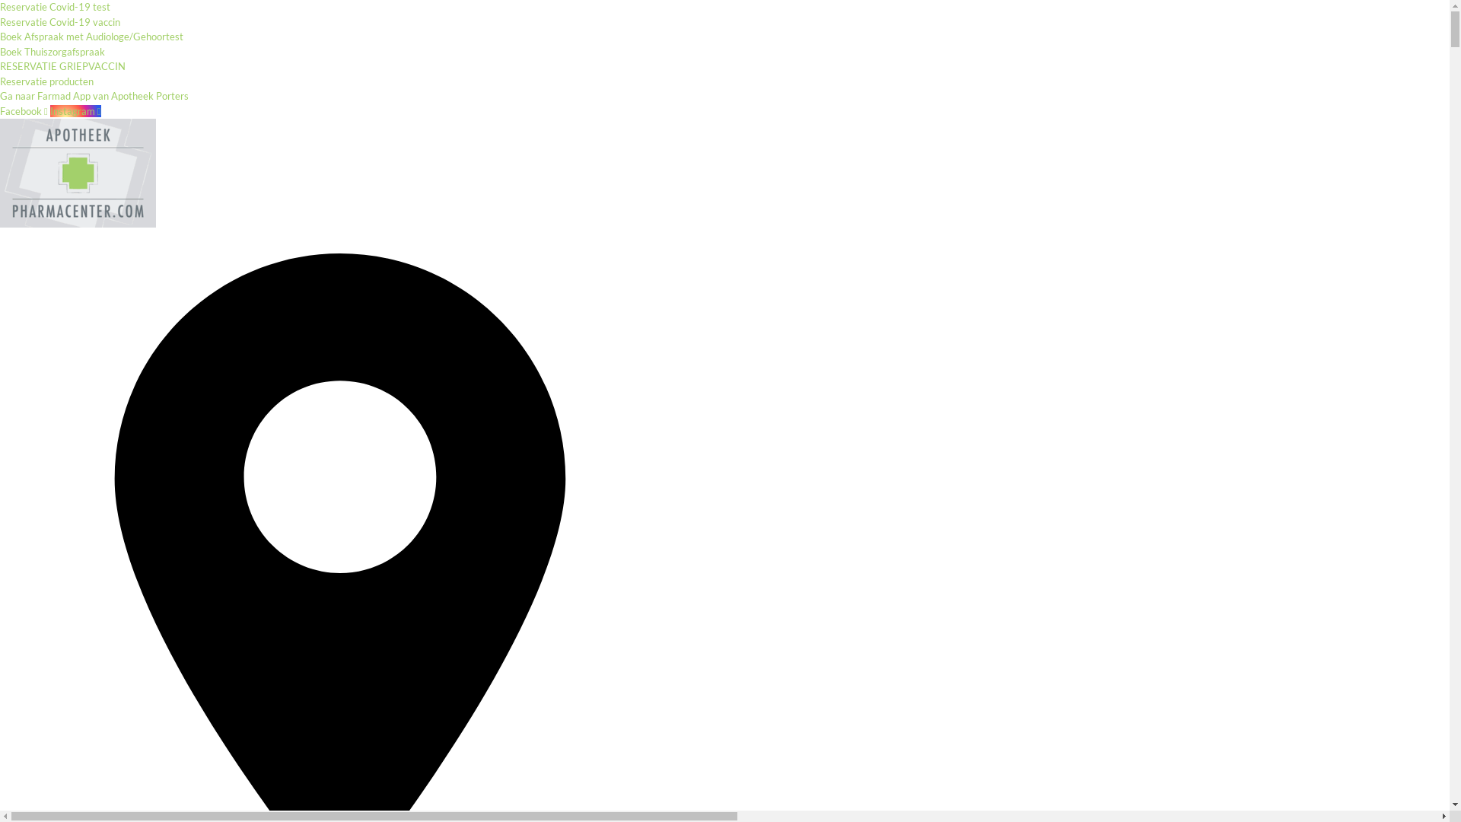 This screenshot has width=1461, height=822. Describe the element at coordinates (59, 21) in the screenshot. I see `'Reservatie Covid-19 vaccin'` at that location.